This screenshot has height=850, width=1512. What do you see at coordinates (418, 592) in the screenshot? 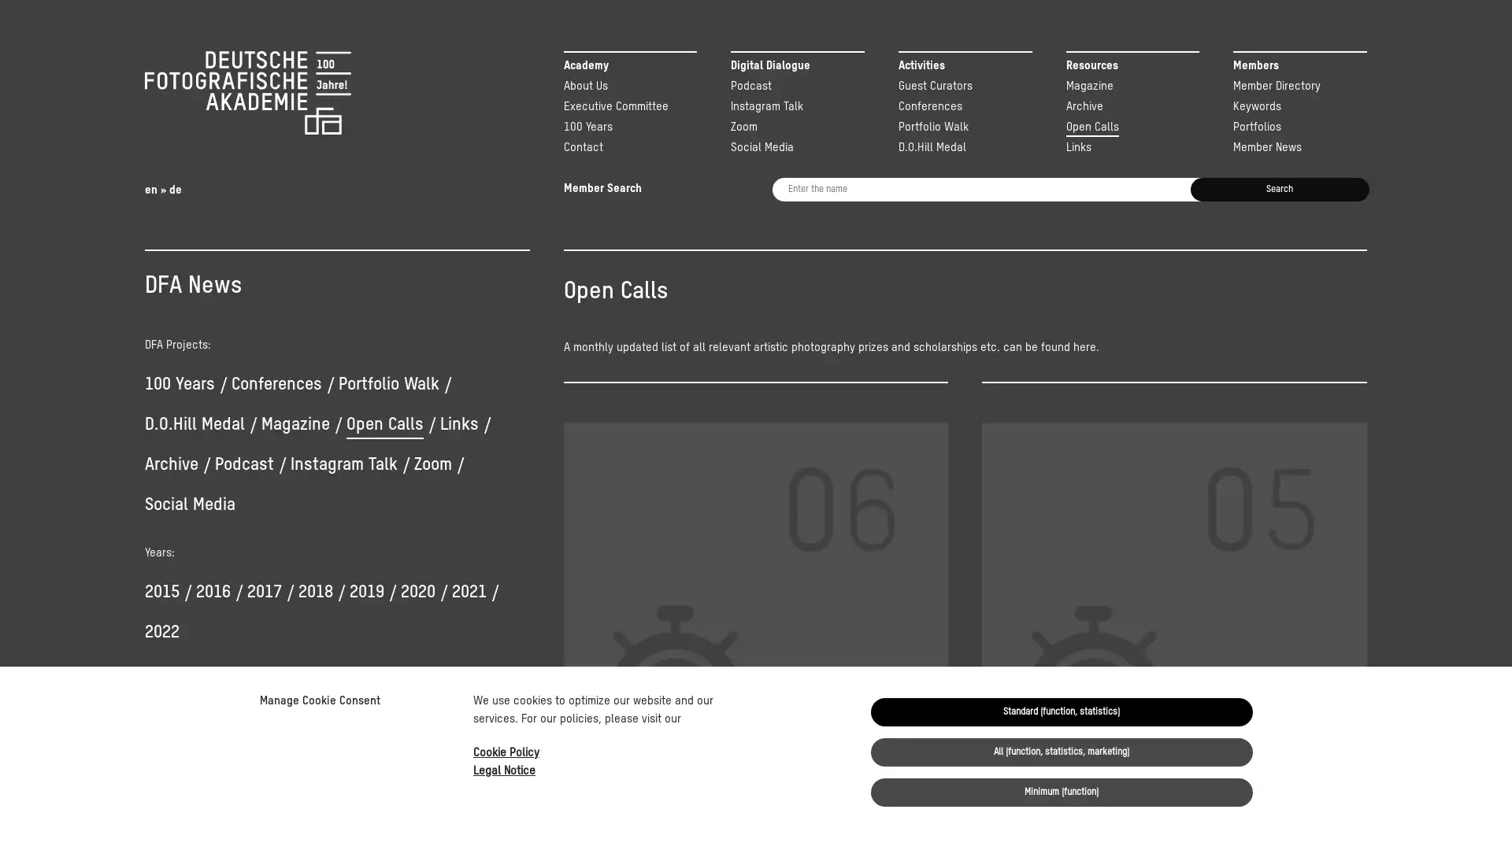
I see `2020` at bounding box center [418, 592].